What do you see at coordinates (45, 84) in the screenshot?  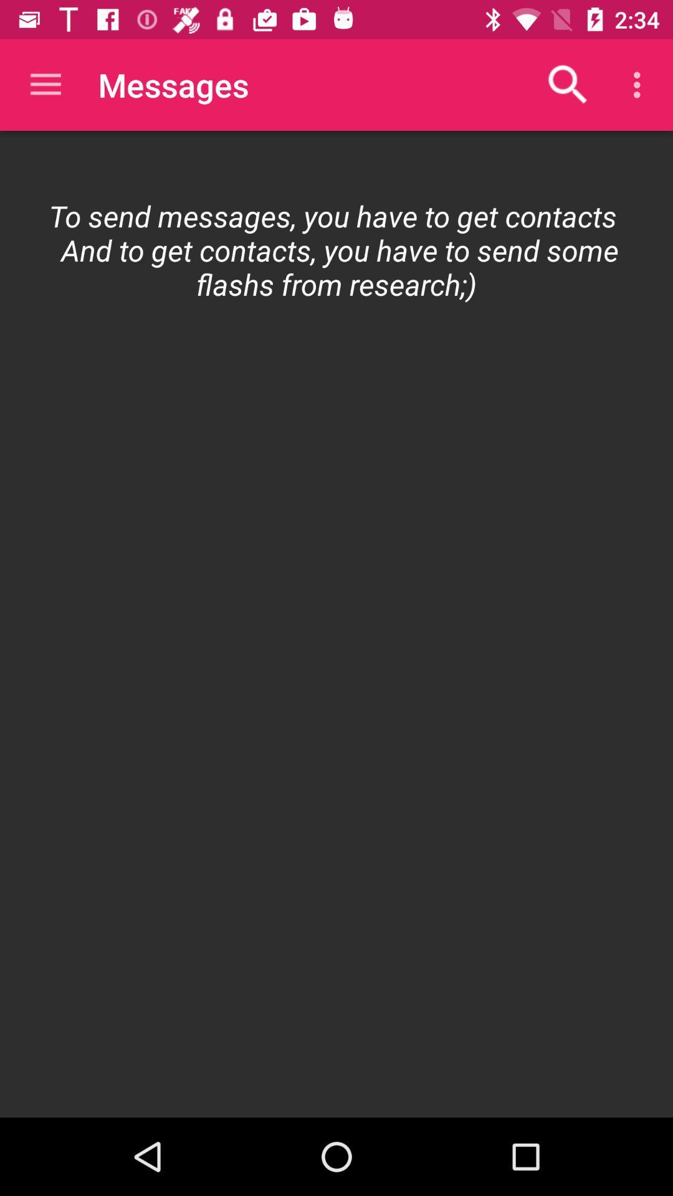 I see `the icon next to the messages icon` at bounding box center [45, 84].